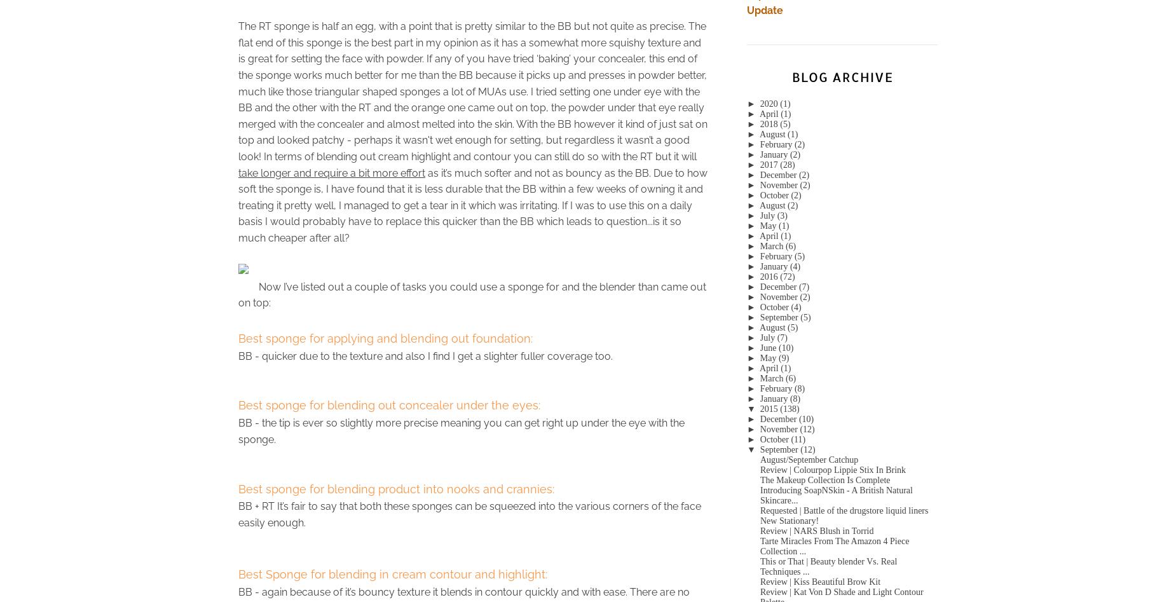  I want to click on 'New Stationary!', so click(760, 520).